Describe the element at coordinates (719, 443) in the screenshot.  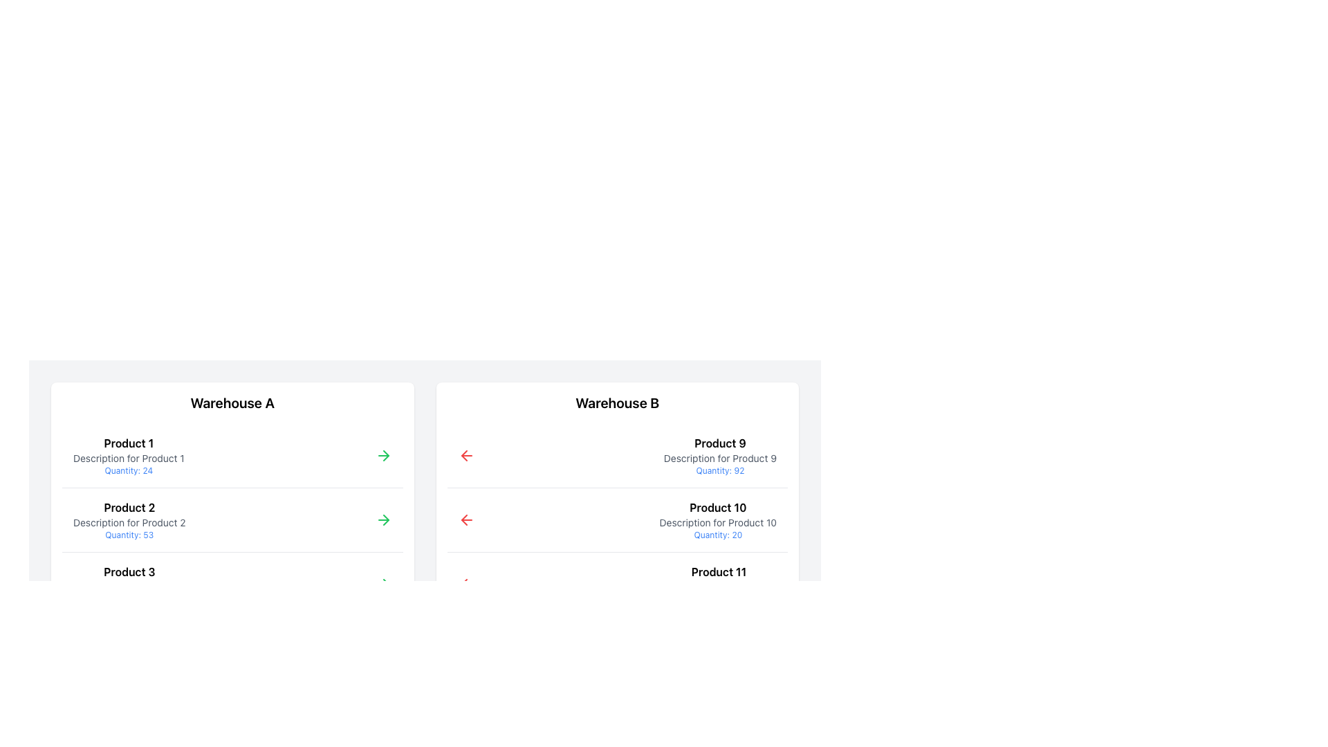
I see `the Text Label indicating the product name in the top-right section of the 'Warehouse B' column` at that location.